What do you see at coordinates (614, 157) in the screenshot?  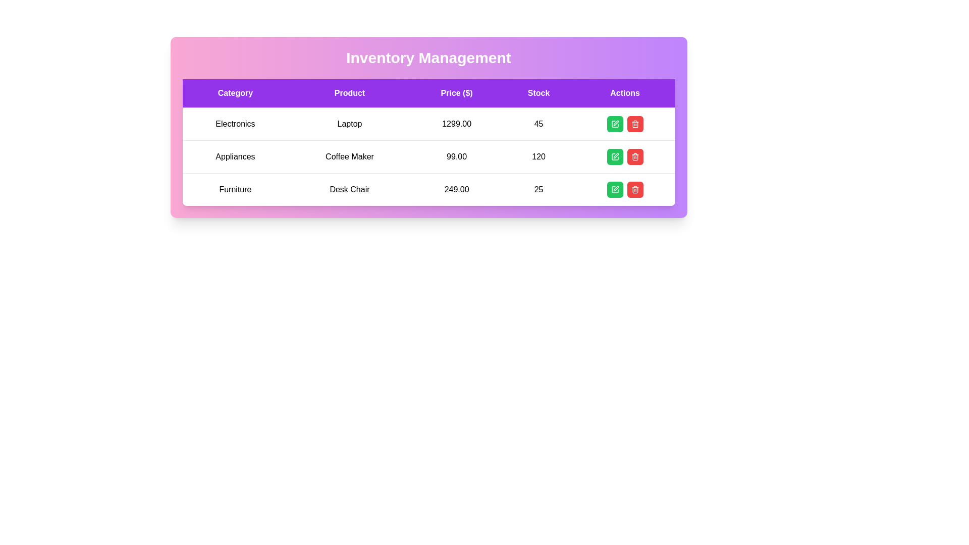 I see `the edit icon button, which is a small pen and square icon inside a green rectangular button, located beside a red trash can button in the Actions column of the second row of the table` at bounding box center [614, 157].